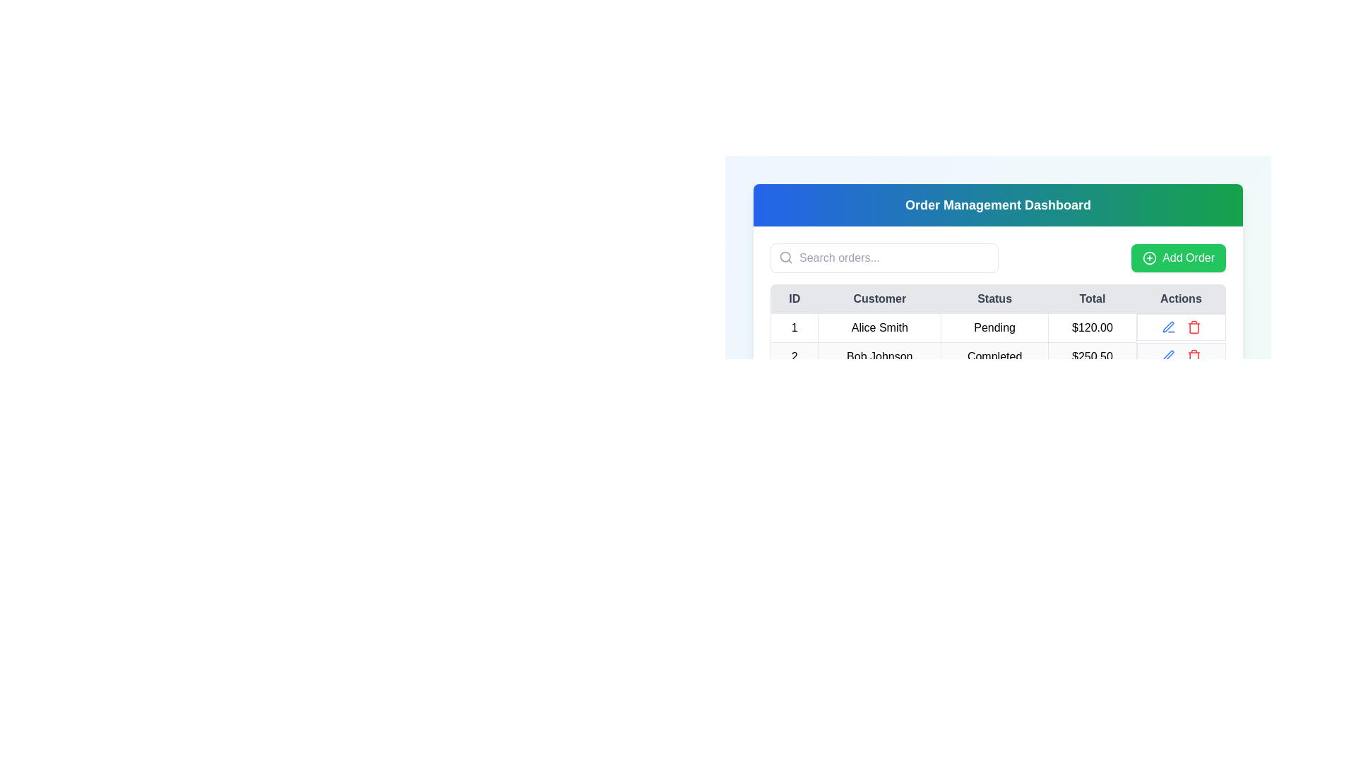 This screenshot has height=762, width=1356. I want to click on the pen-like icon located in the 'Actions' column of the row associated with 'Alice Smith', so click(1168, 326).